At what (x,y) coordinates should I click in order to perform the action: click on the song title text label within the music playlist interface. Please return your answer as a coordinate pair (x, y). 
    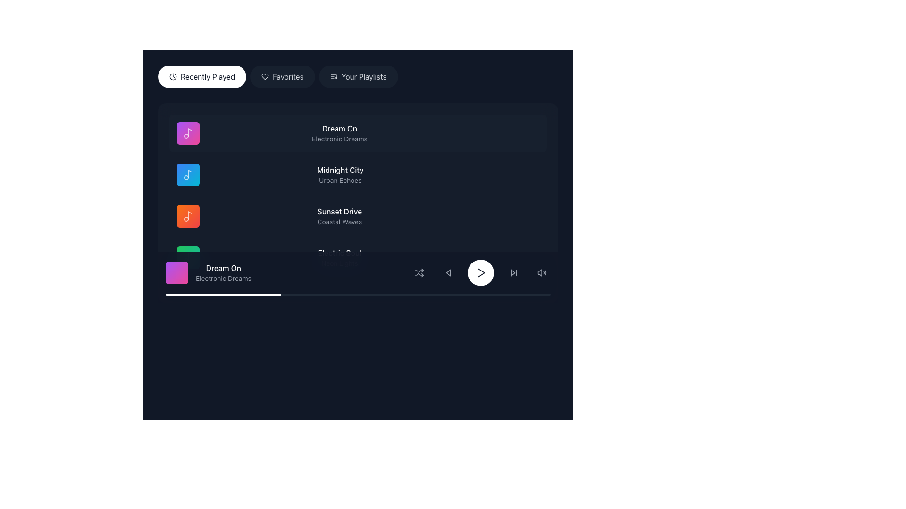
    Looking at the image, I should click on (223, 268).